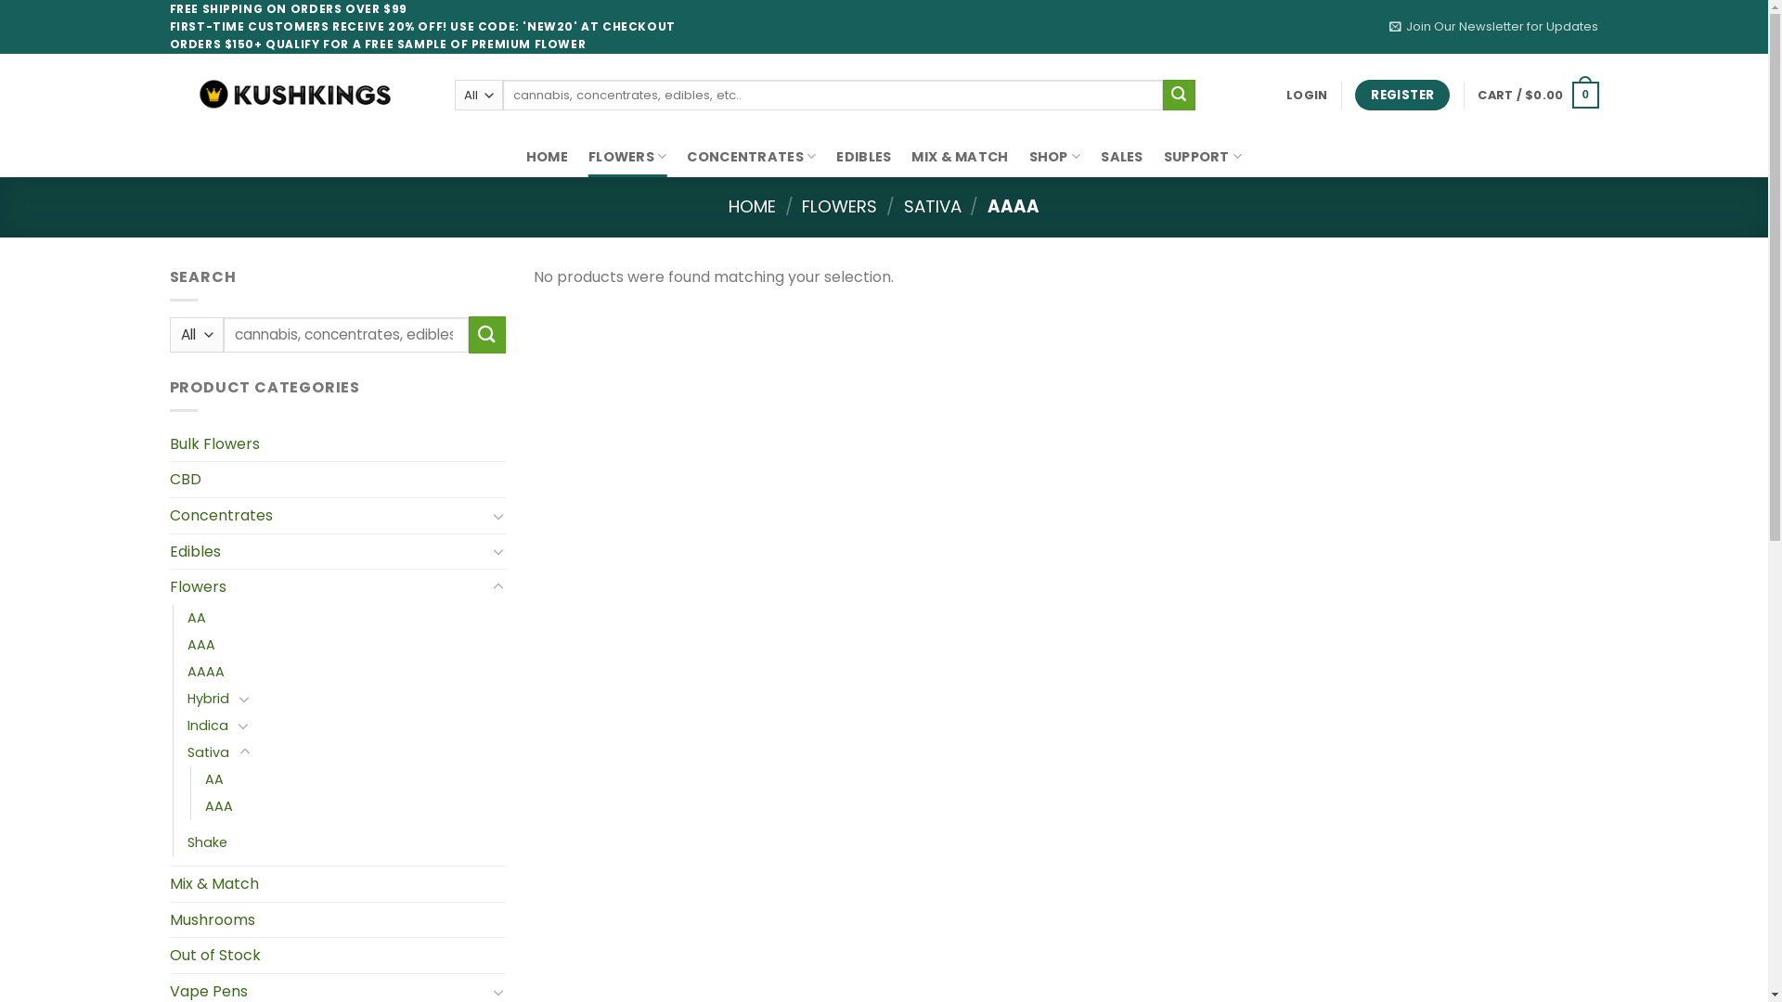 Image resolution: width=1782 pixels, height=1002 pixels. I want to click on 'SHOP', so click(1055, 156).